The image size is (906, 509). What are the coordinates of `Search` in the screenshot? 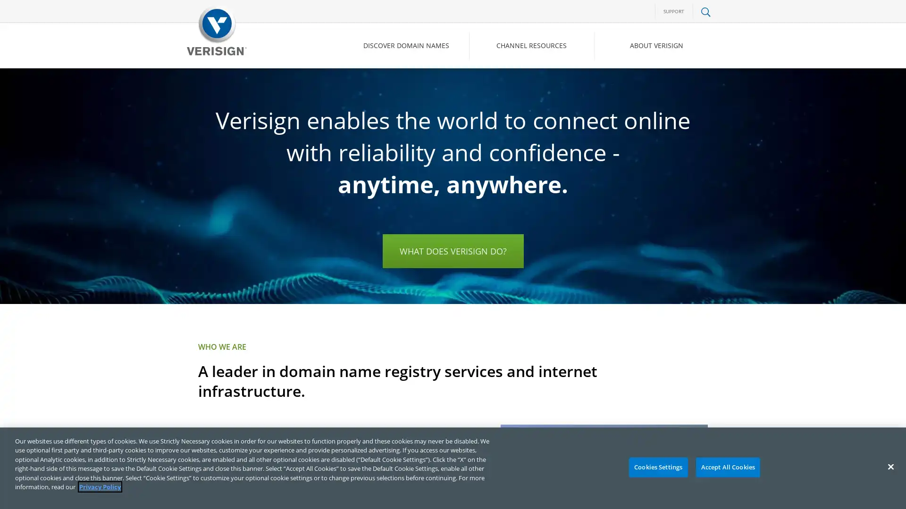 It's located at (629, 85).